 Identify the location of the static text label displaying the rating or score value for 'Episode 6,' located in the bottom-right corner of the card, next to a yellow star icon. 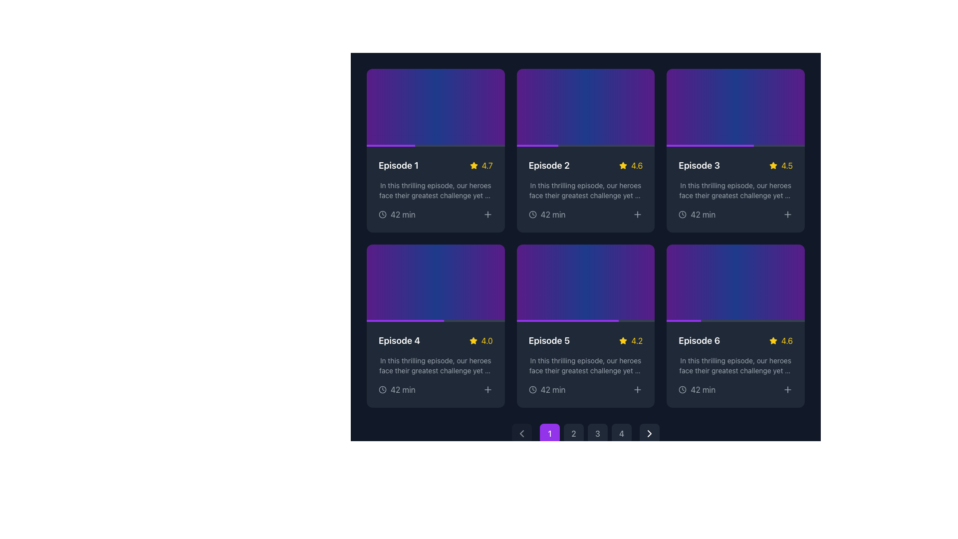
(786, 340).